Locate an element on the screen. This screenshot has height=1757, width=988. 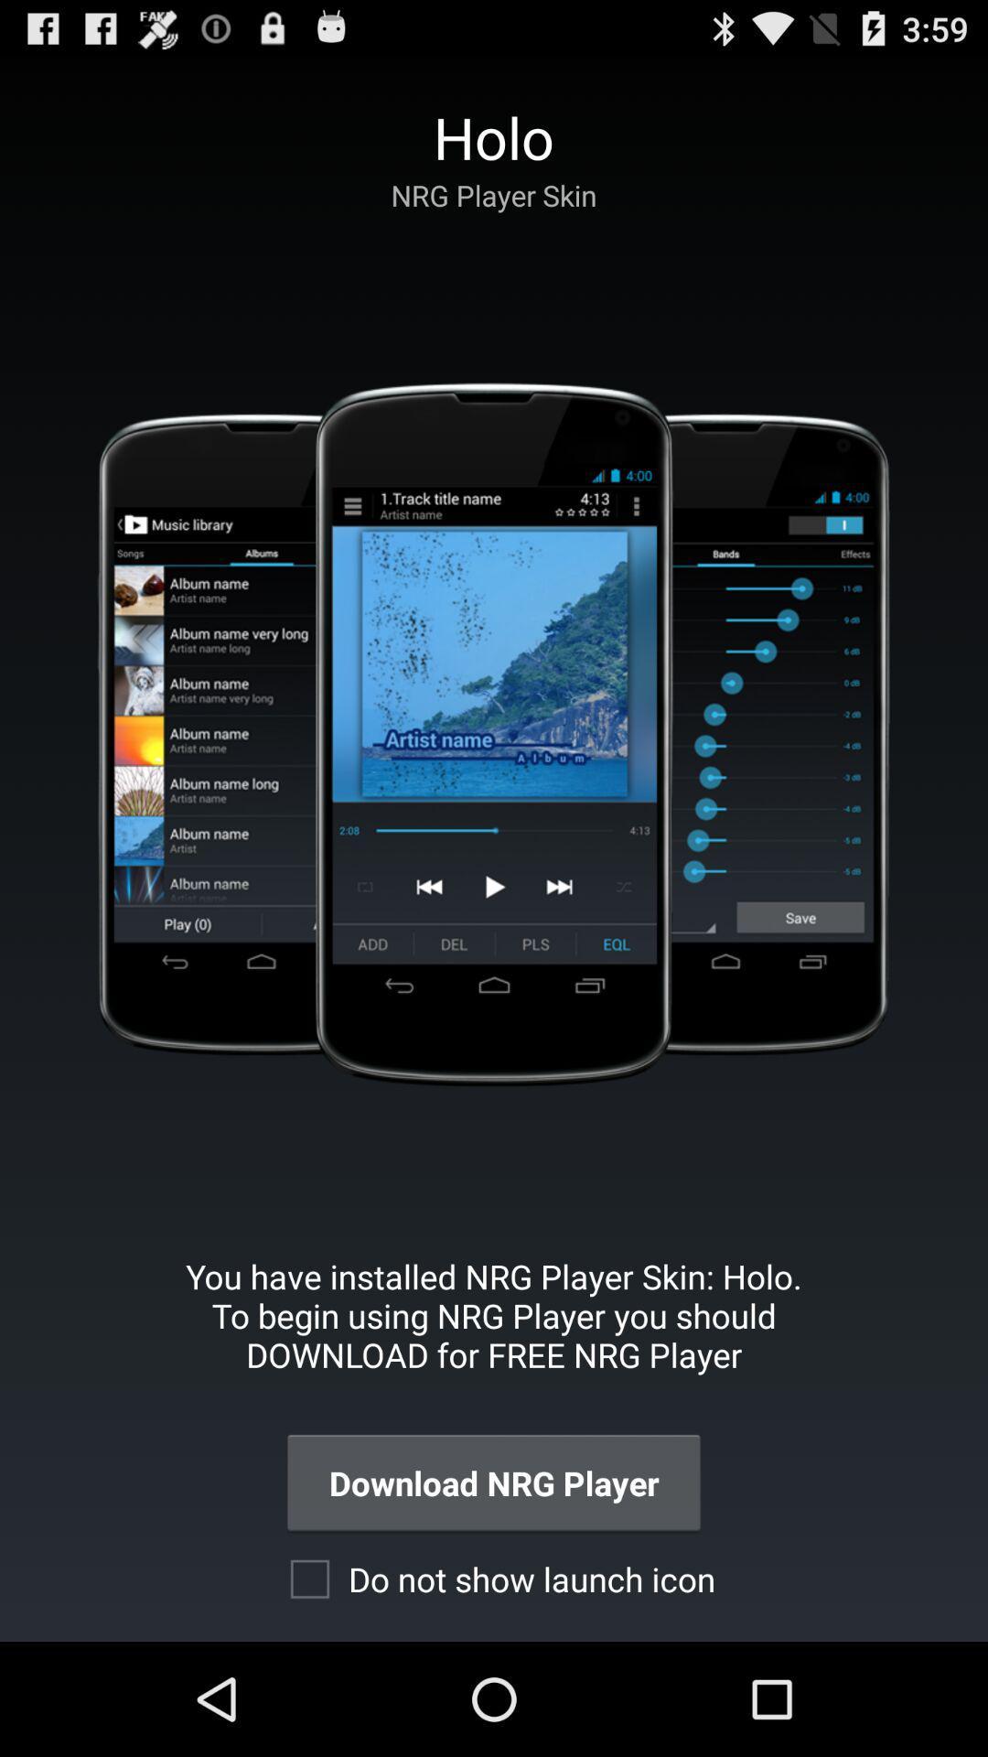
do not show item is located at coordinates (492, 1578).